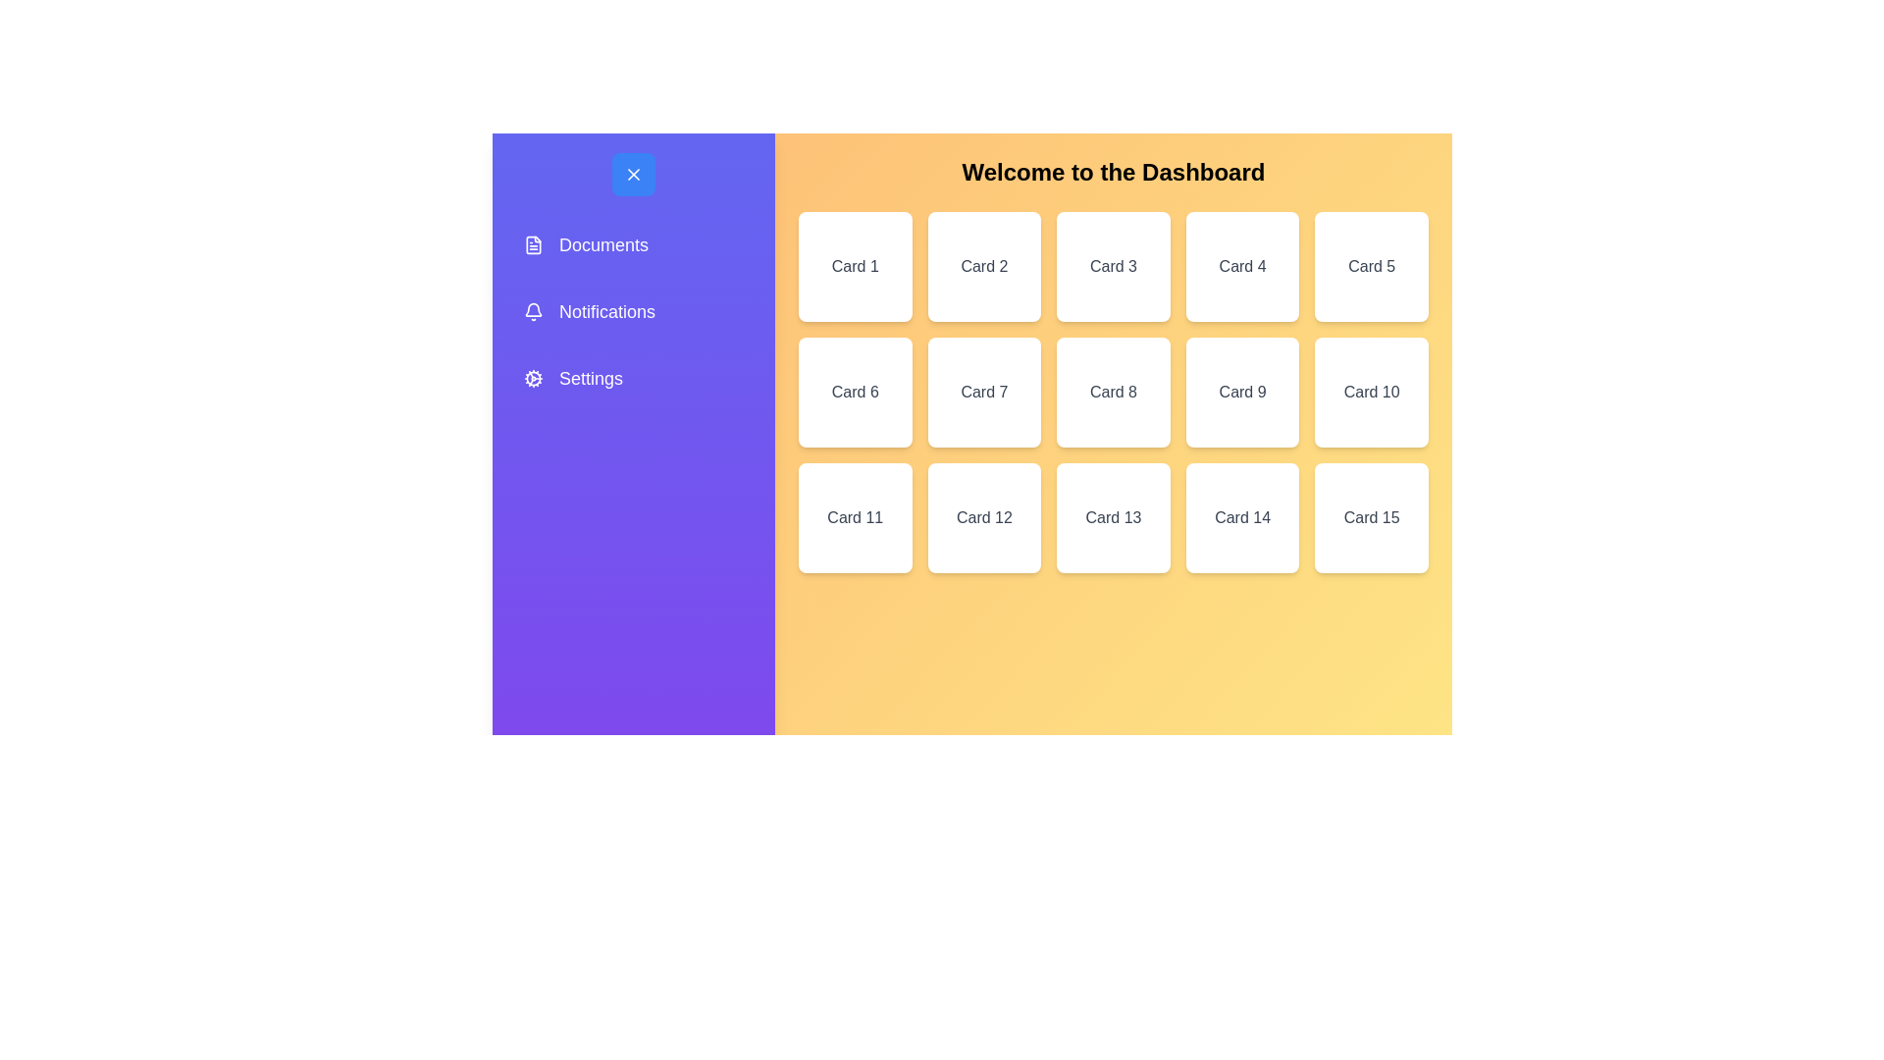 This screenshot has height=1060, width=1884. What do you see at coordinates (634, 310) in the screenshot?
I see `the menu option Notifications from the sidebar` at bounding box center [634, 310].